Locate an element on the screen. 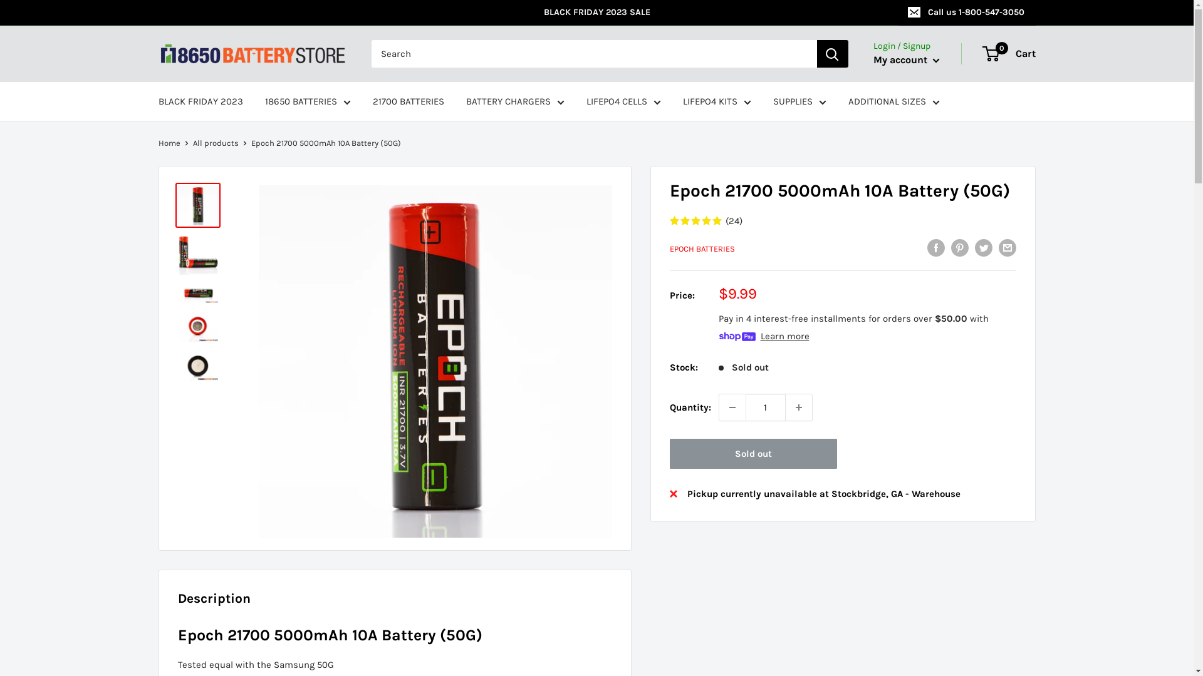  'Call us 1-800-547-3050' is located at coordinates (966, 12).